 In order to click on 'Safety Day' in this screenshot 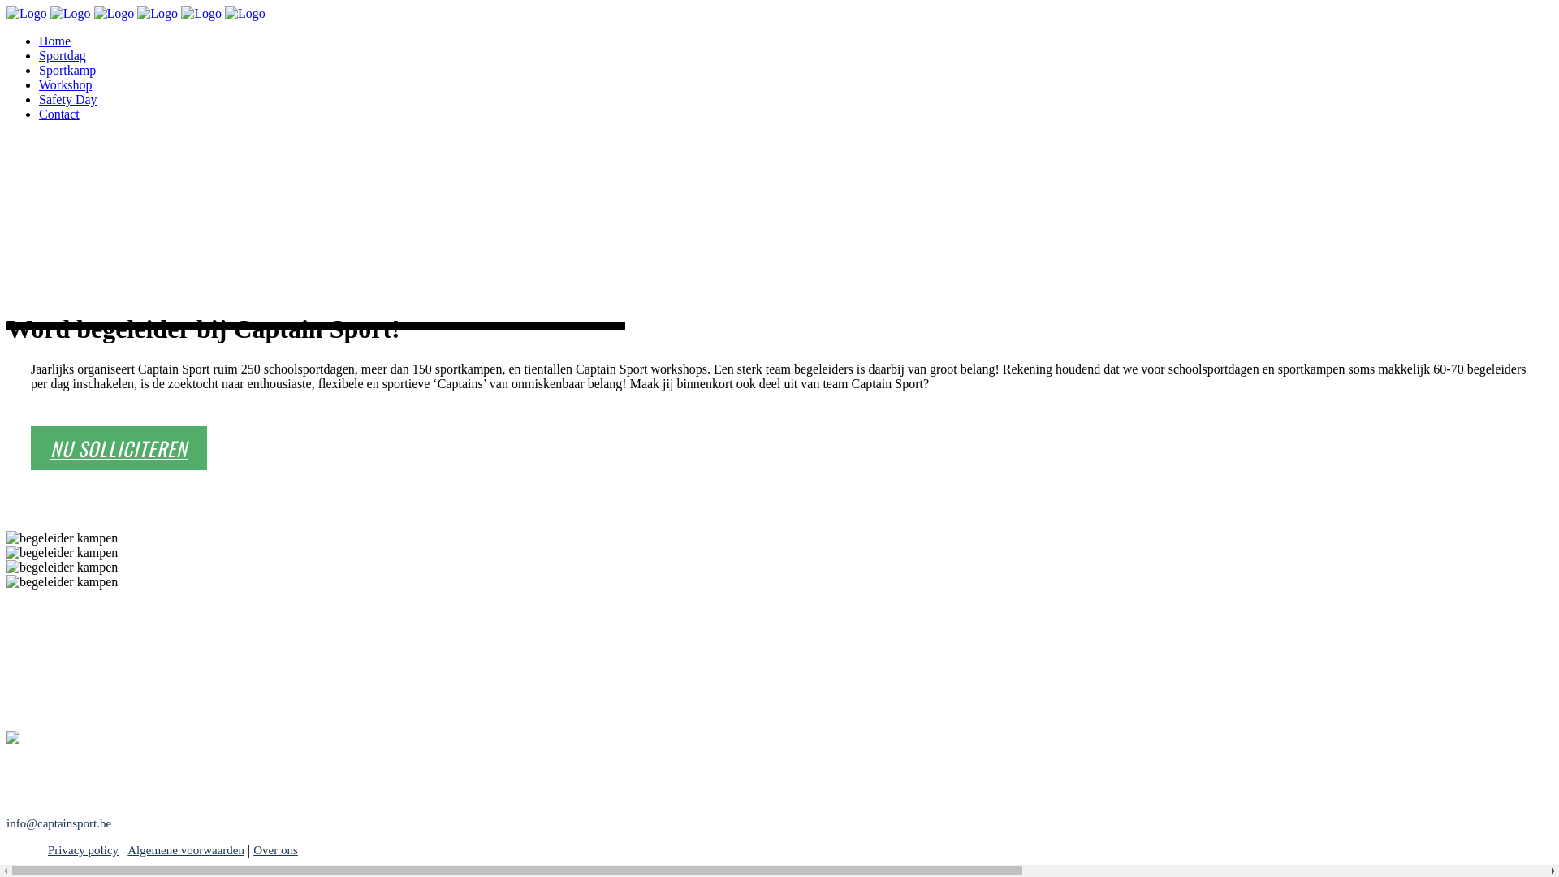, I will do `click(39, 99)`.